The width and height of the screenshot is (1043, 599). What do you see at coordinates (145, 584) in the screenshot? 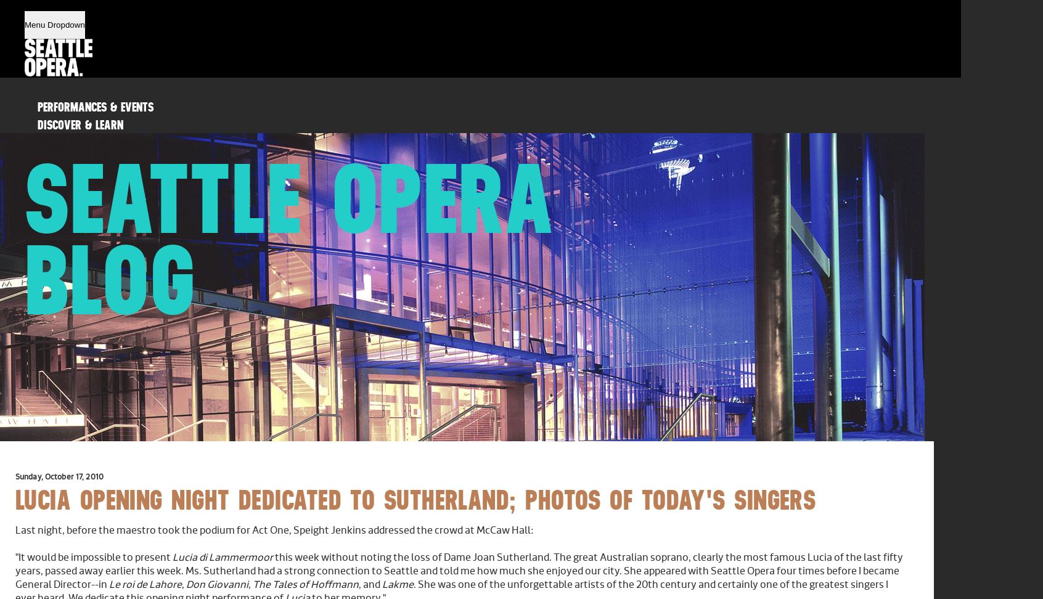
I see `'Le roi de Lahore'` at bounding box center [145, 584].